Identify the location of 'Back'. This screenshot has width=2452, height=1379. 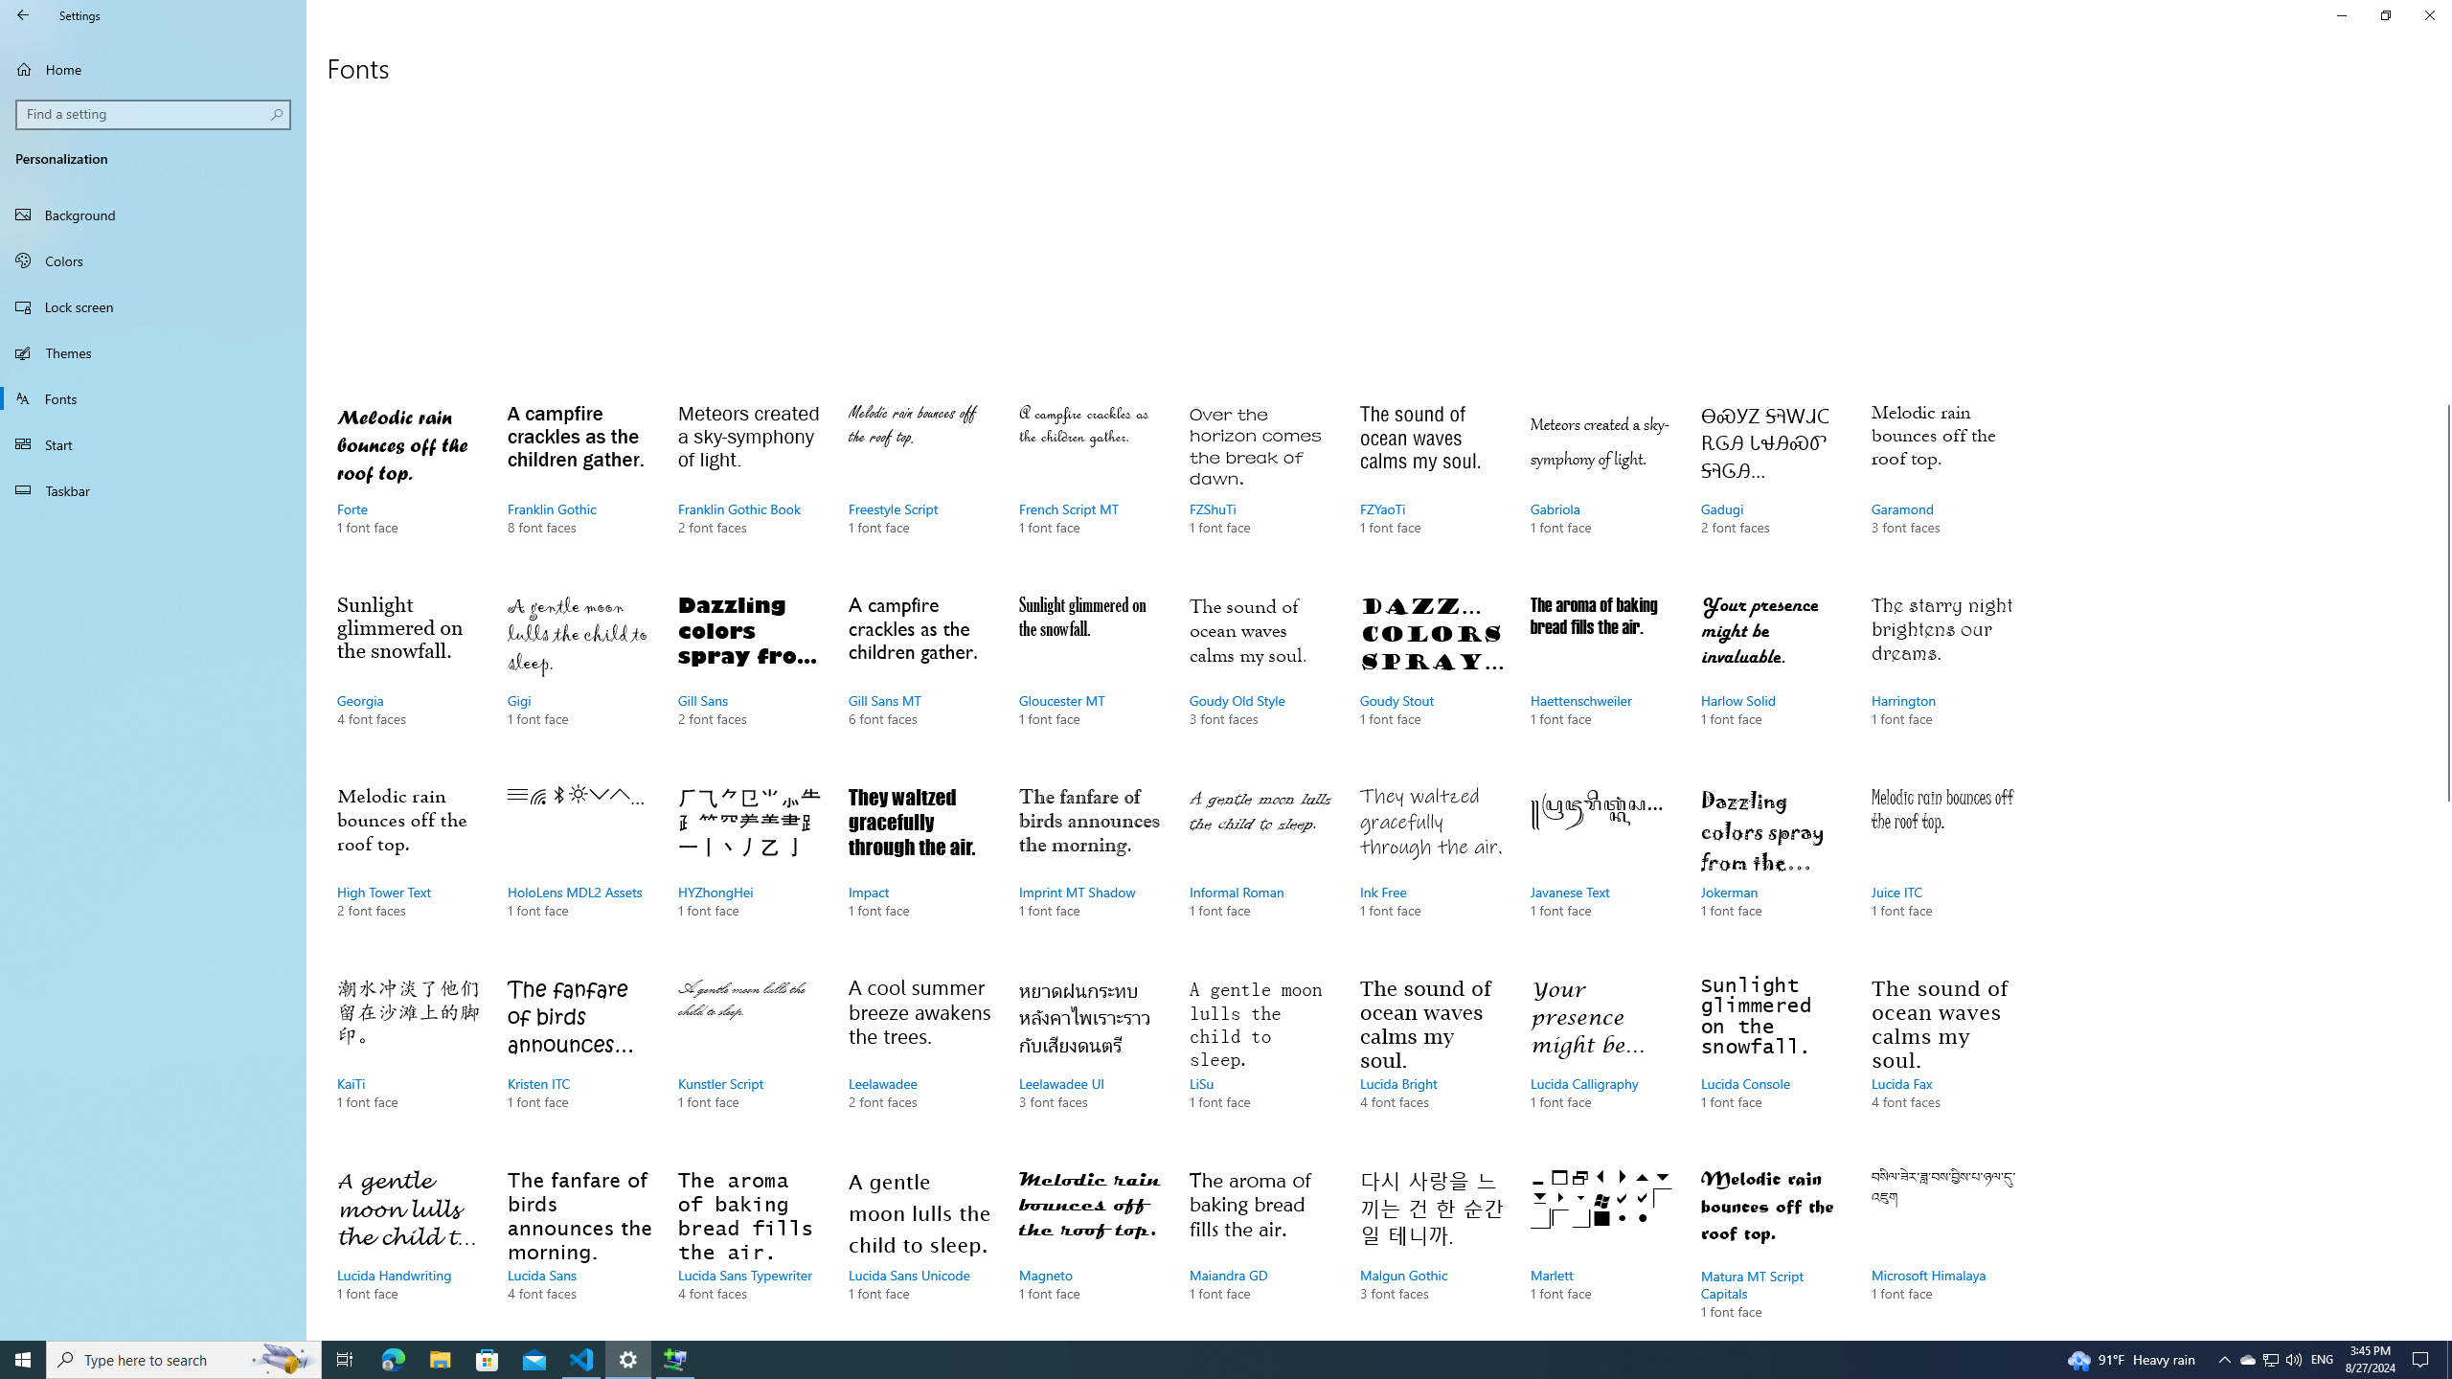
(23, 14).